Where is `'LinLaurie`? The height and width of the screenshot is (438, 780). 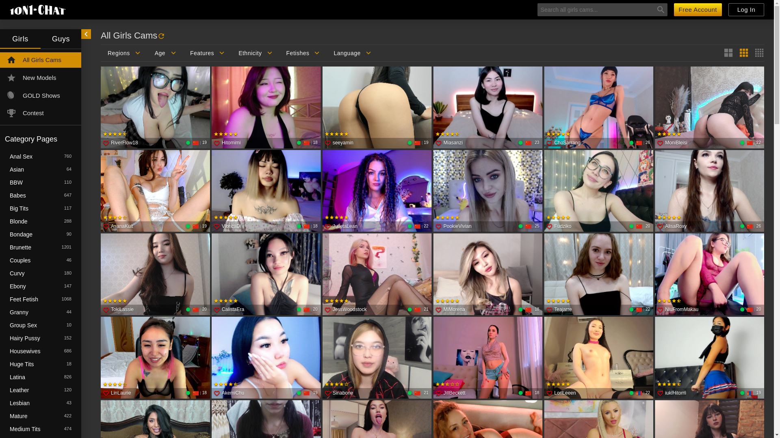 'LinLaurie is located at coordinates (155, 358).